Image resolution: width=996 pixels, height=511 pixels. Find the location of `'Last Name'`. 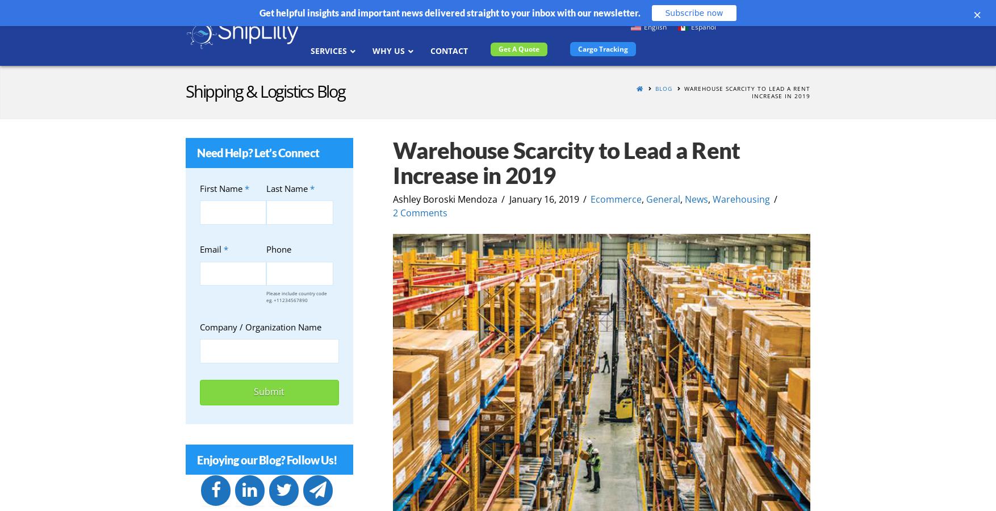

'Last Name' is located at coordinates (286, 187).